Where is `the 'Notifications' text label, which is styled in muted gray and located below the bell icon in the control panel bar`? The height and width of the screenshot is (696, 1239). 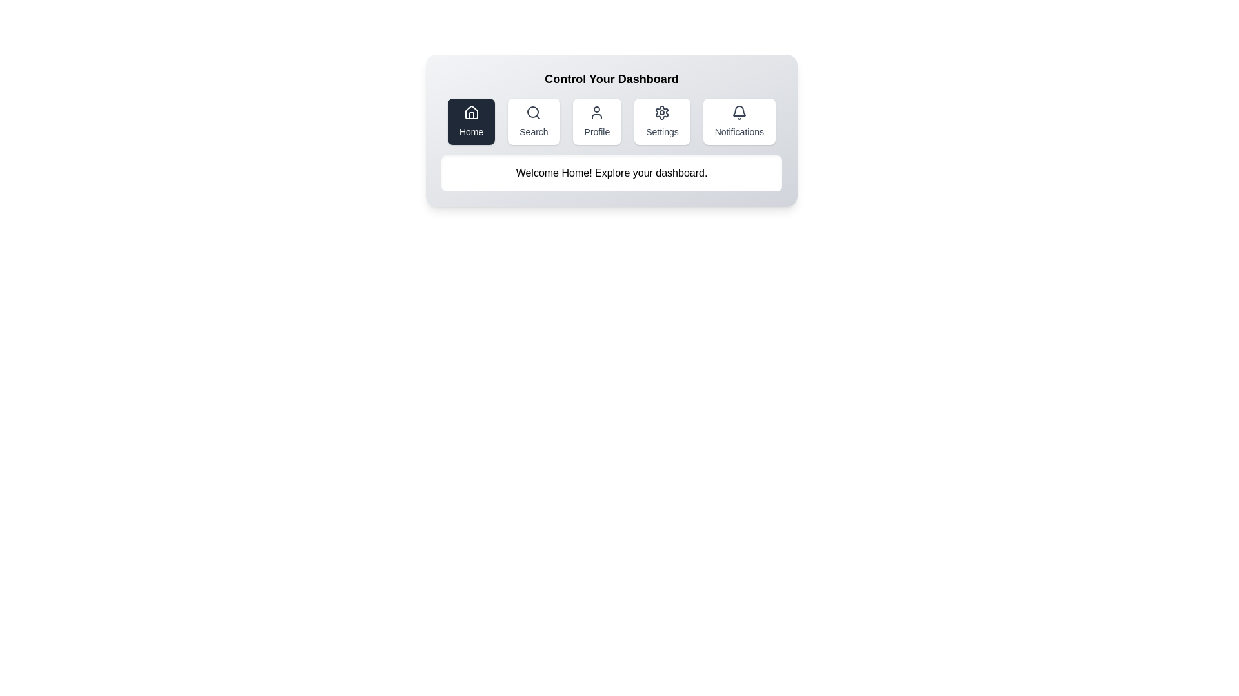 the 'Notifications' text label, which is styled in muted gray and located below the bell icon in the control panel bar is located at coordinates (739, 131).